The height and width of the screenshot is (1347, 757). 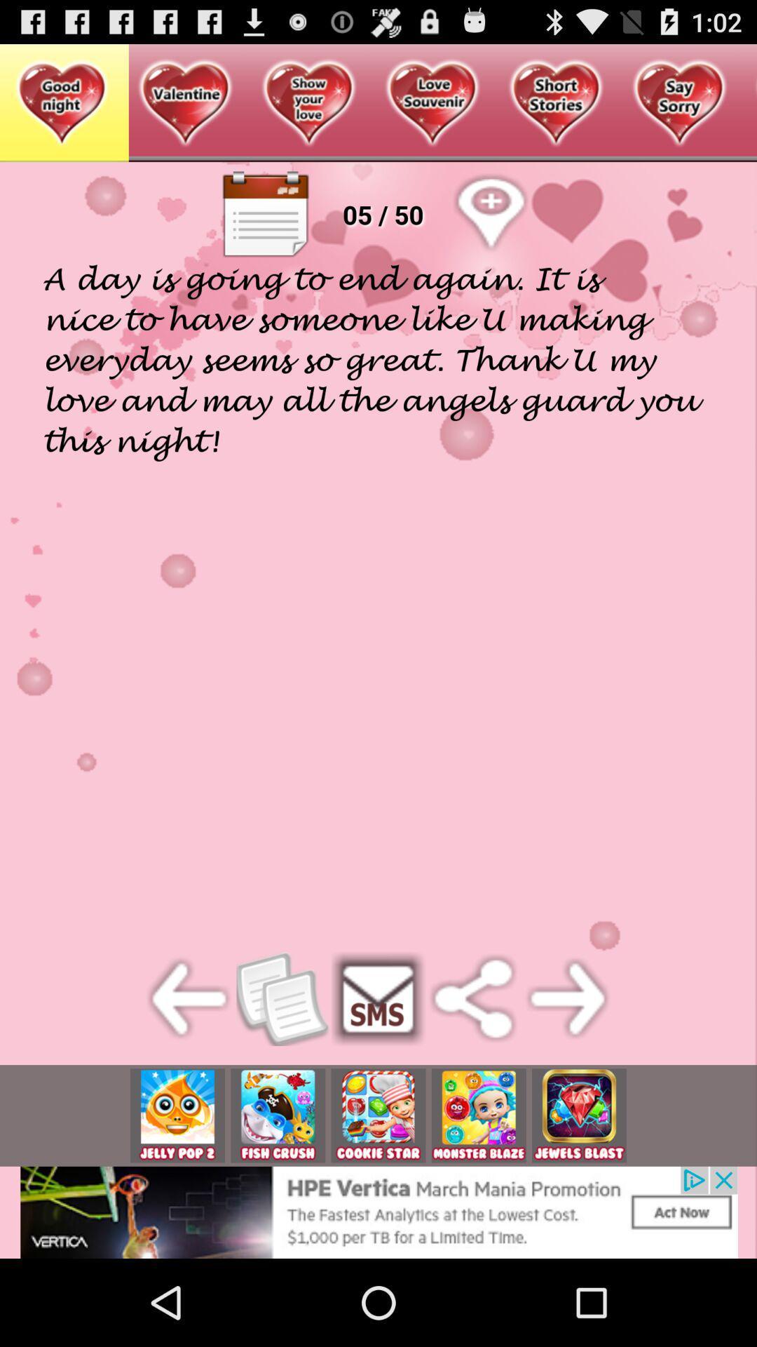 I want to click on the emoji icon, so click(x=177, y=1193).